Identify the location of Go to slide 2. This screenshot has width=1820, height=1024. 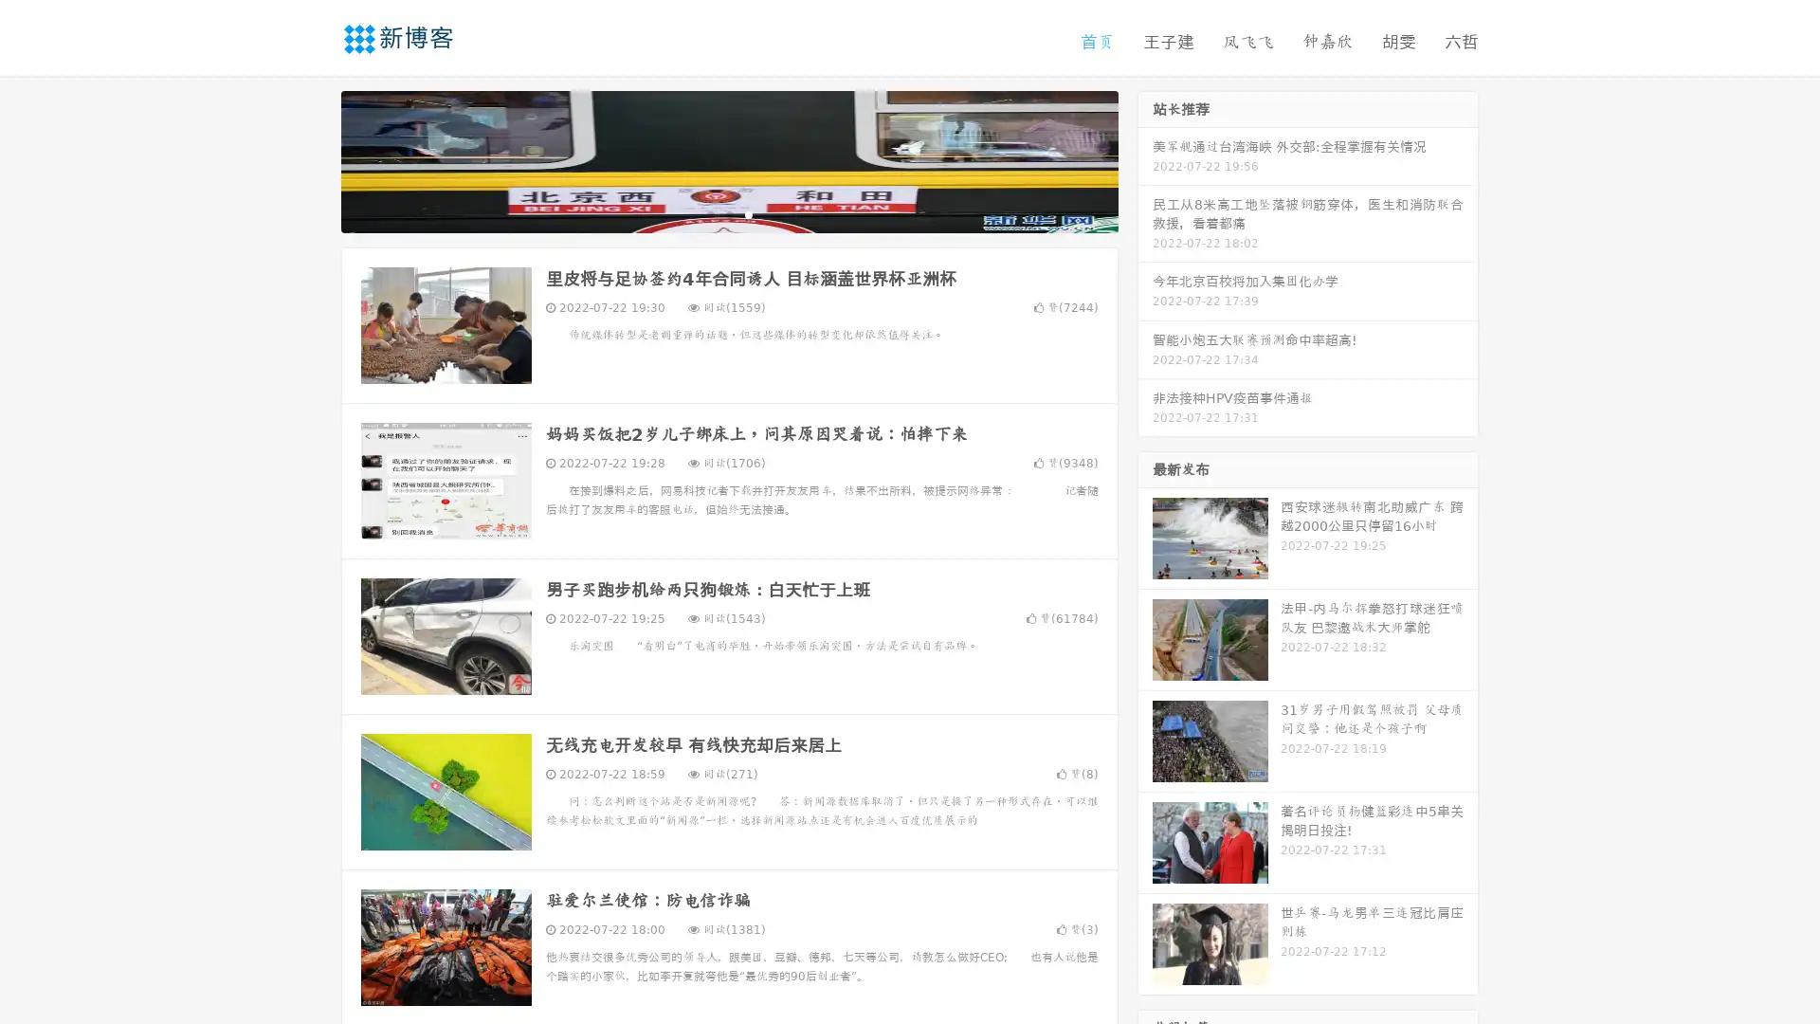
(728, 213).